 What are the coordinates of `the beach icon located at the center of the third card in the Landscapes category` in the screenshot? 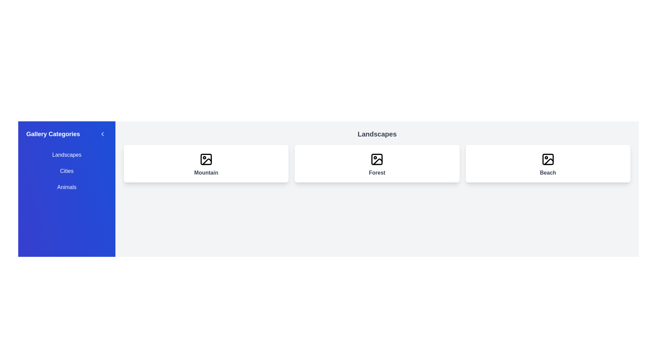 It's located at (548, 159).